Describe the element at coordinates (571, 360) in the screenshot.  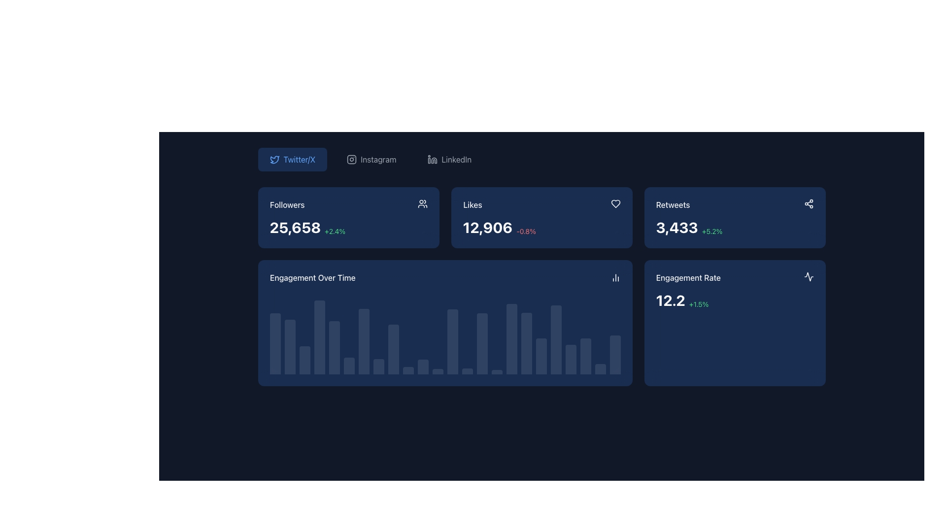
I see `the 21st bar in the histogram located below the 'Engagement Over Time' section` at that location.